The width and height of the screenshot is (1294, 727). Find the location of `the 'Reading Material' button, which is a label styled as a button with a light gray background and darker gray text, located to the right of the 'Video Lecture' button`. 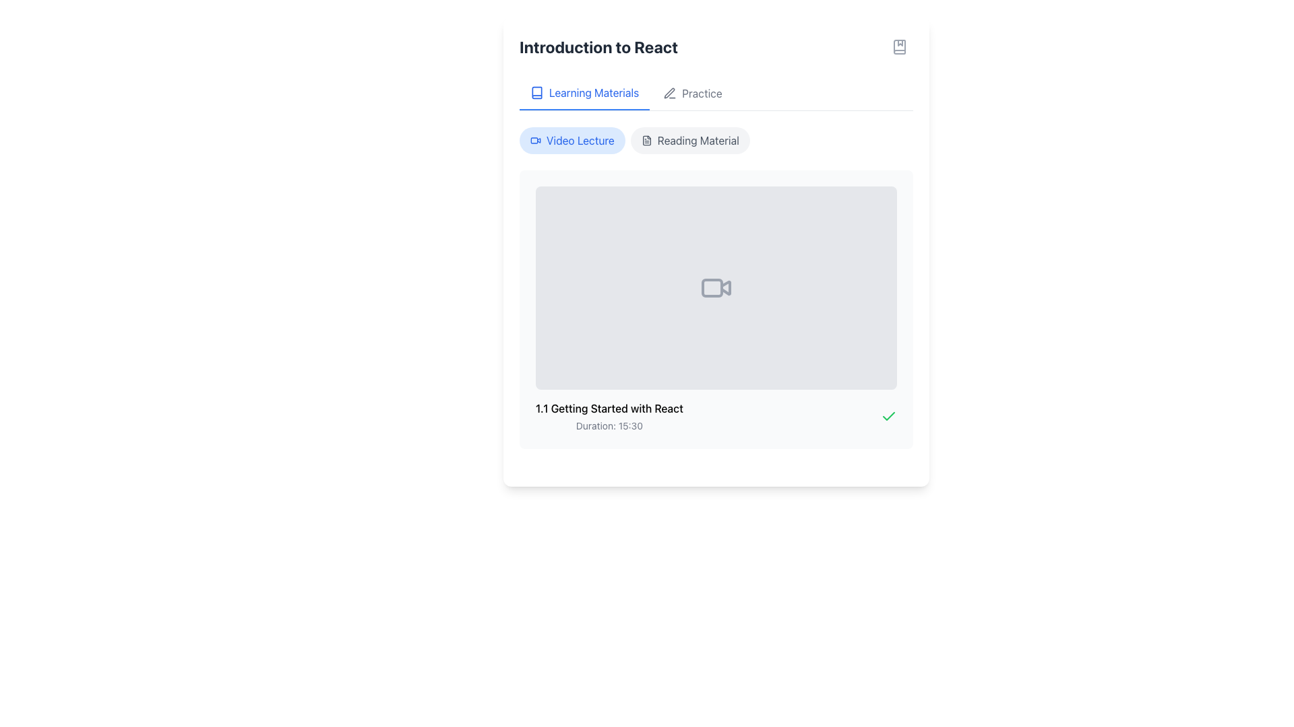

the 'Reading Material' button, which is a label styled as a button with a light gray background and darker gray text, located to the right of the 'Video Lecture' button is located at coordinates (690, 140).